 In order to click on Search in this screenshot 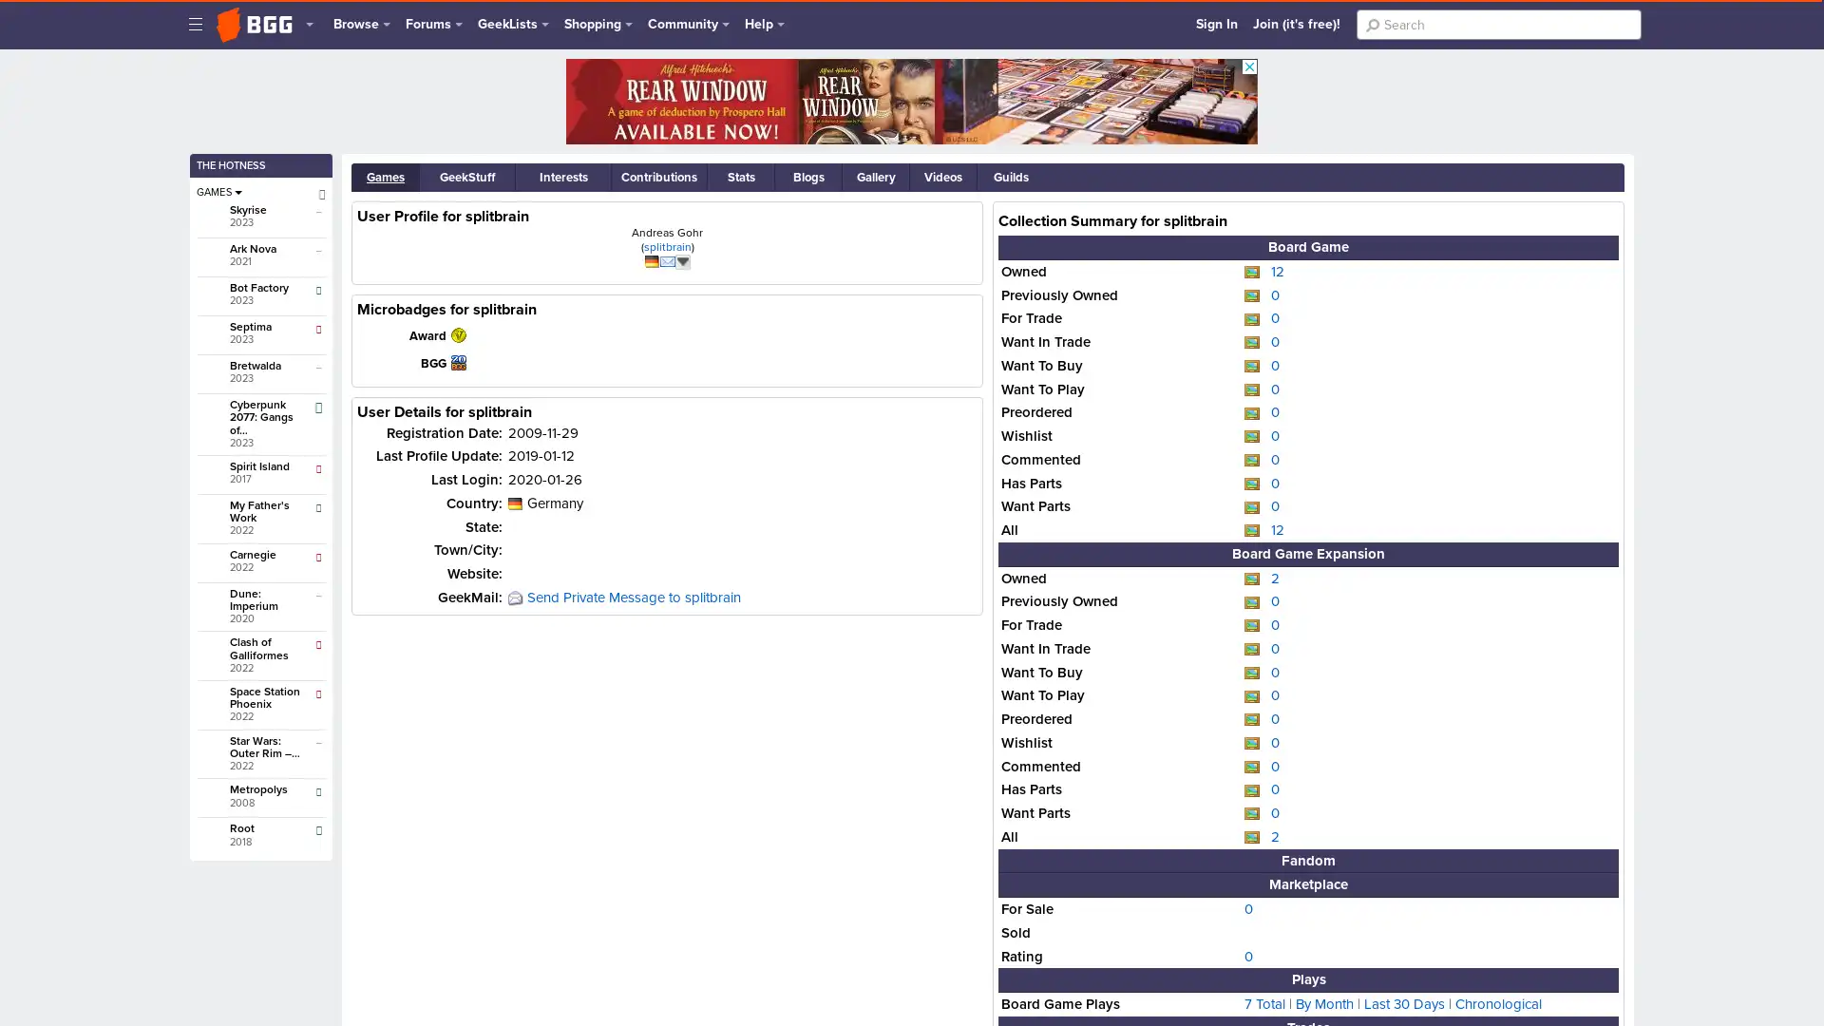, I will do `click(1372, 26)`.